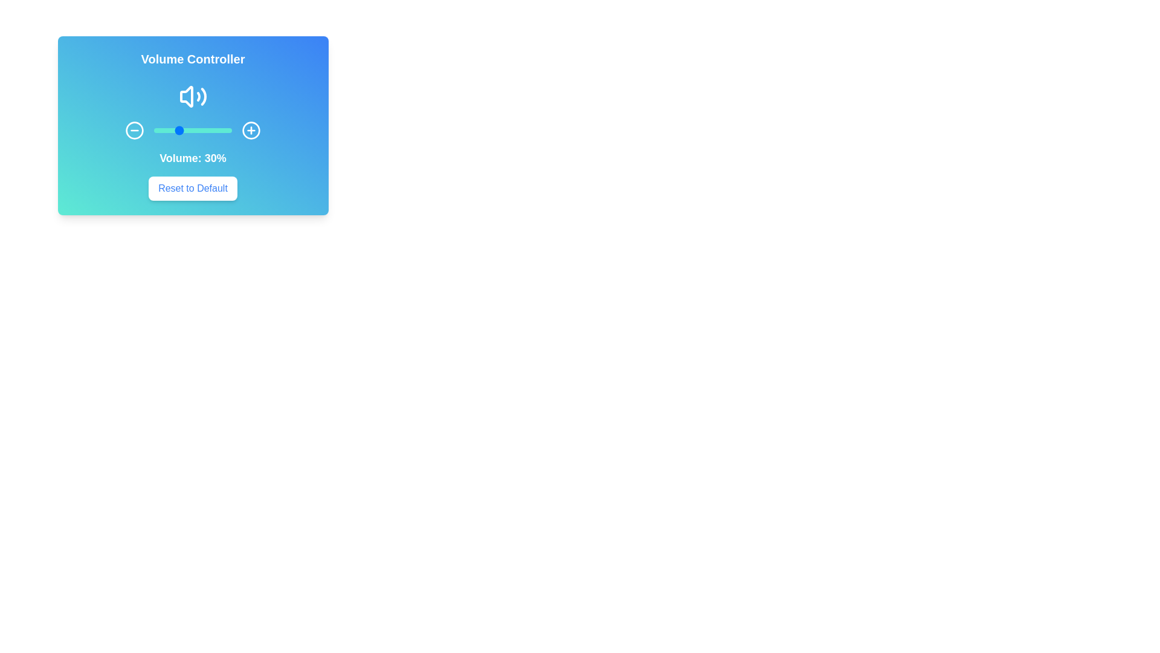  Describe the element at coordinates (231, 131) in the screenshot. I see `the volume slider to 99%` at that location.